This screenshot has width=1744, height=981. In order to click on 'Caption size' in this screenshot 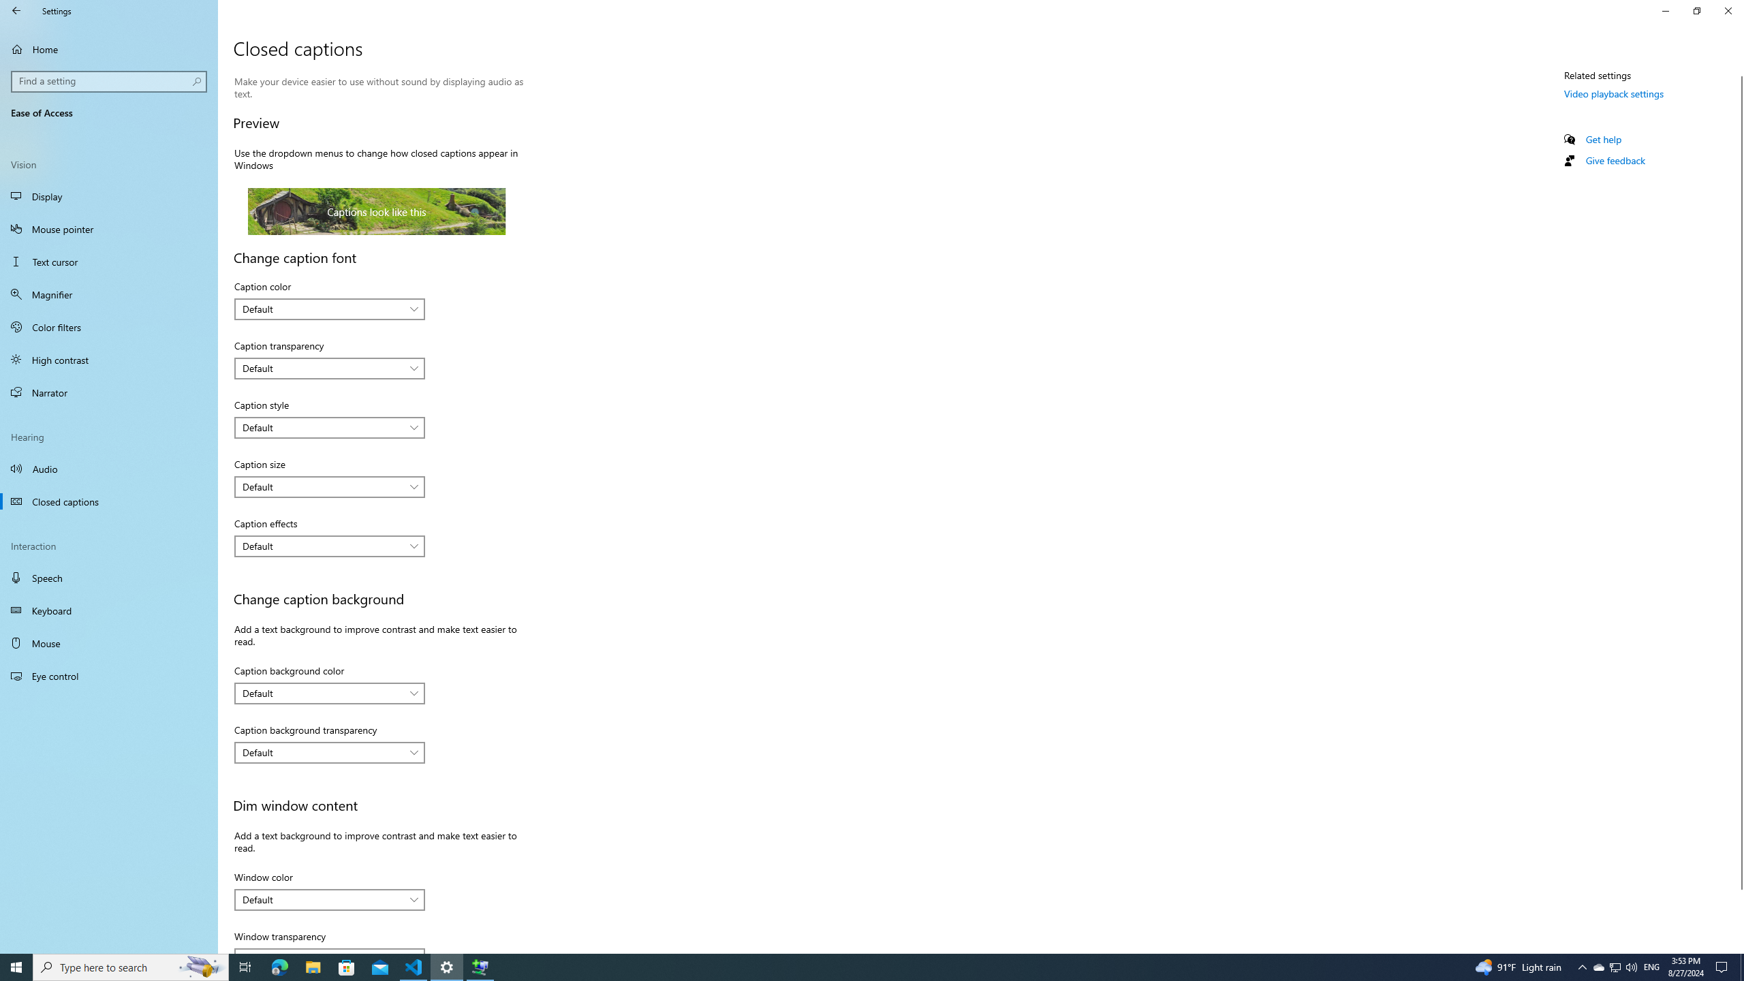, I will do `click(328, 486)`.